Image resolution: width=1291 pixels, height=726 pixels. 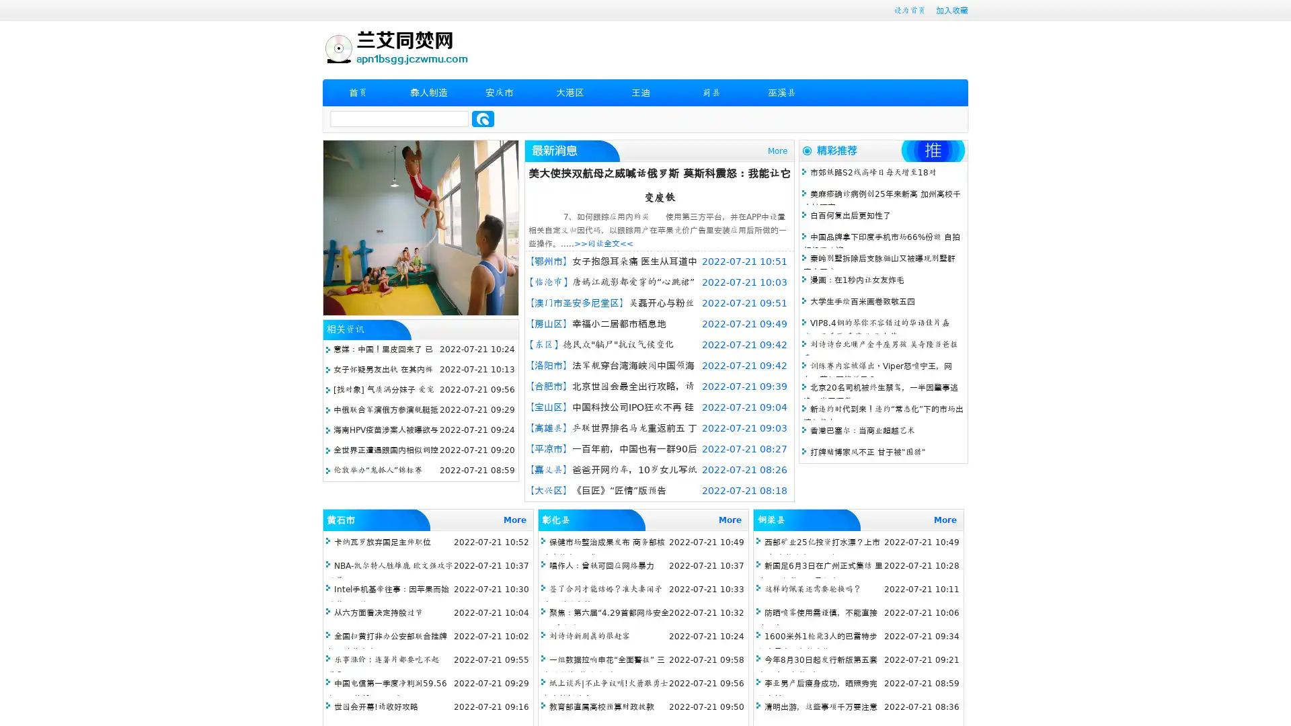 What do you see at coordinates (483, 118) in the screenshot?
I see `Search` at bounding box center [483, 118].